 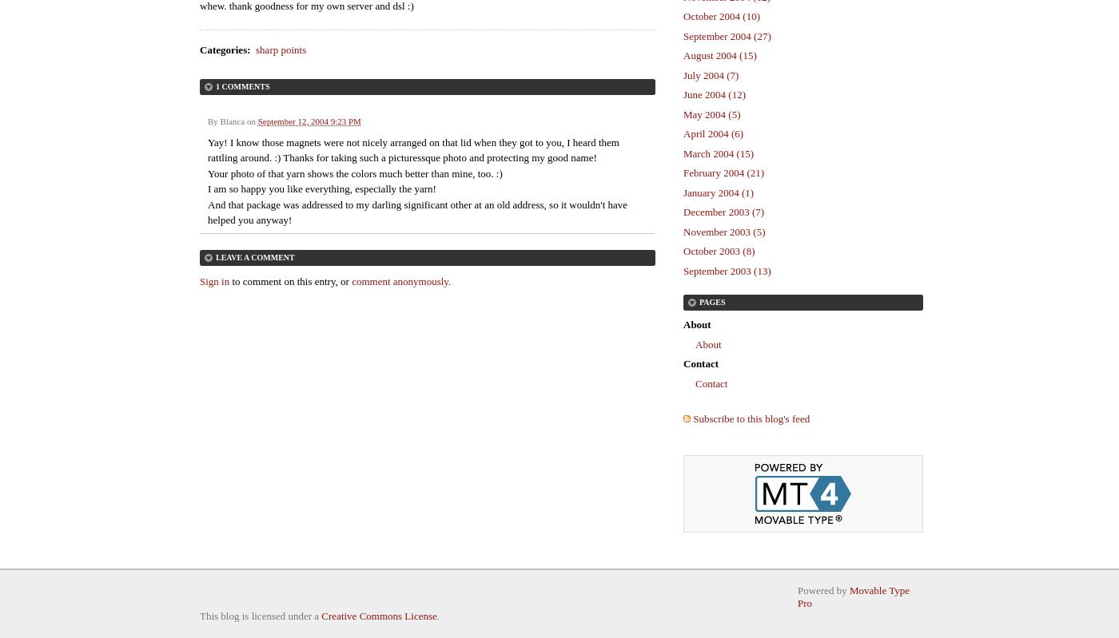 I want to click on 'Pages', so click(x=711, y=302).